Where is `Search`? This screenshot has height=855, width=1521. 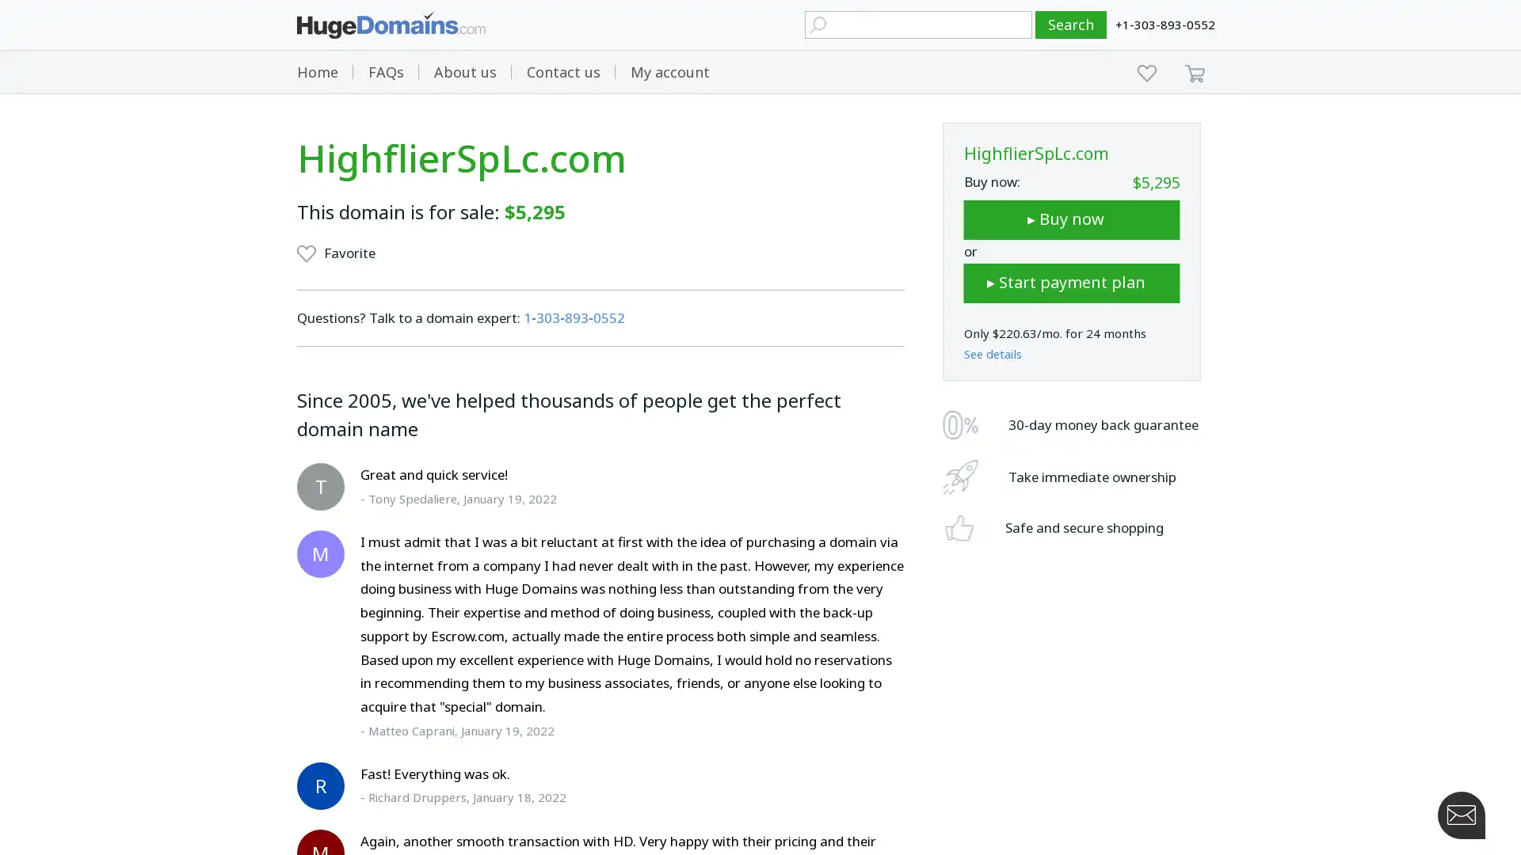 Search is located at coordinates (1071, 25).